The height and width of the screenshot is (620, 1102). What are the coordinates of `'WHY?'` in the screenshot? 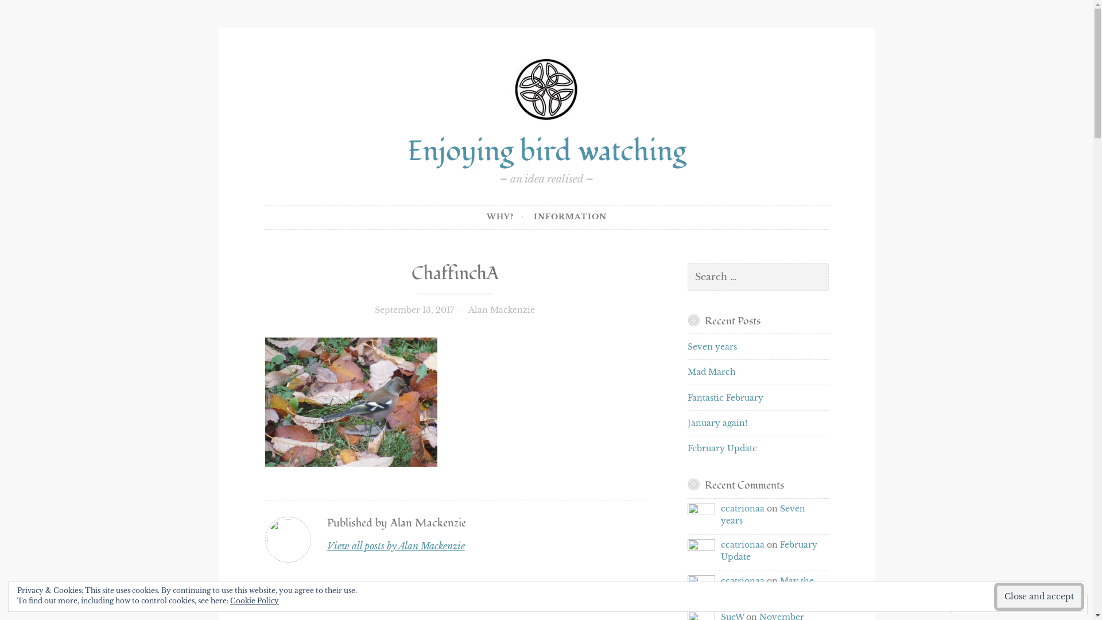 It's located at (505, 217).